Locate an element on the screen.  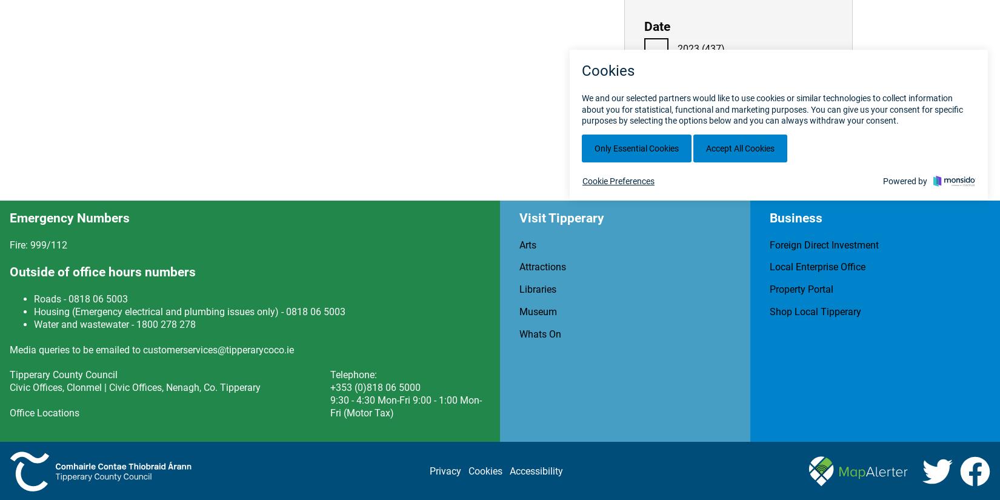
'Arts' is located at coordinates (519, 244).